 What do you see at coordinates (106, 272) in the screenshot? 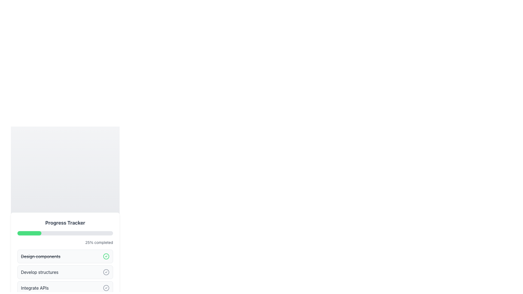
I see `the completion status icon located to the right of the text 'Develop structures'` at bounding box center [106, 272].